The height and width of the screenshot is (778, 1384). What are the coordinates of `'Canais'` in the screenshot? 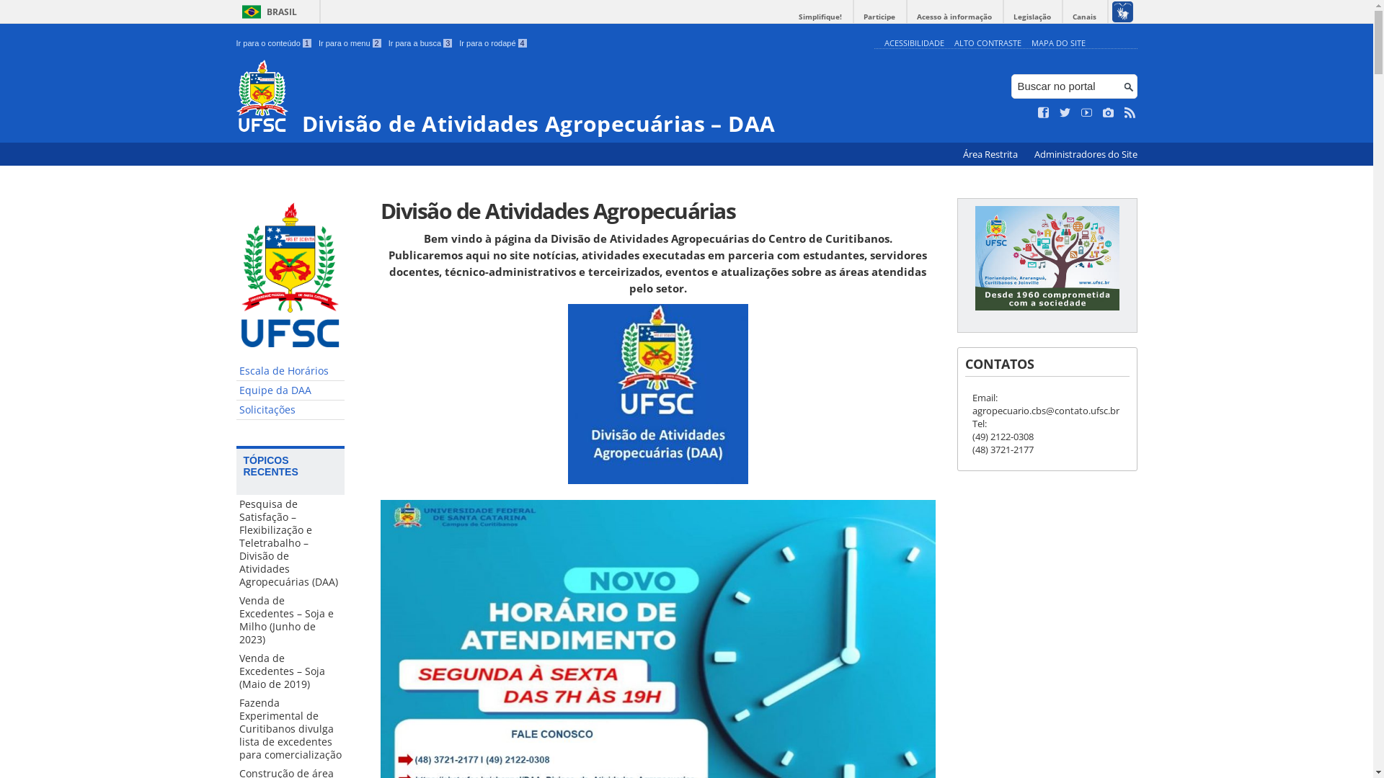 It's located at (1084, 17).